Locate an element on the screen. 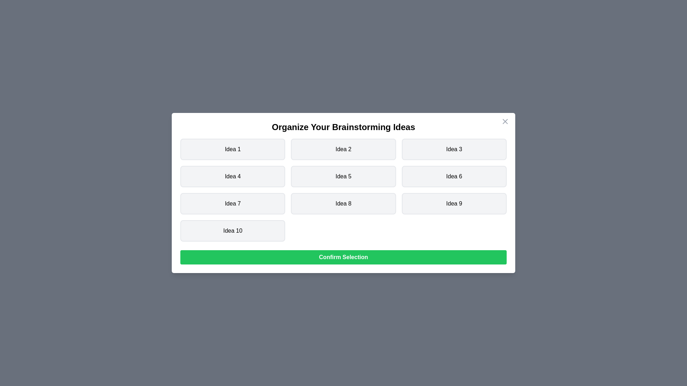  the green 'Confirm Selection' button is located at coordinates (343, 257).